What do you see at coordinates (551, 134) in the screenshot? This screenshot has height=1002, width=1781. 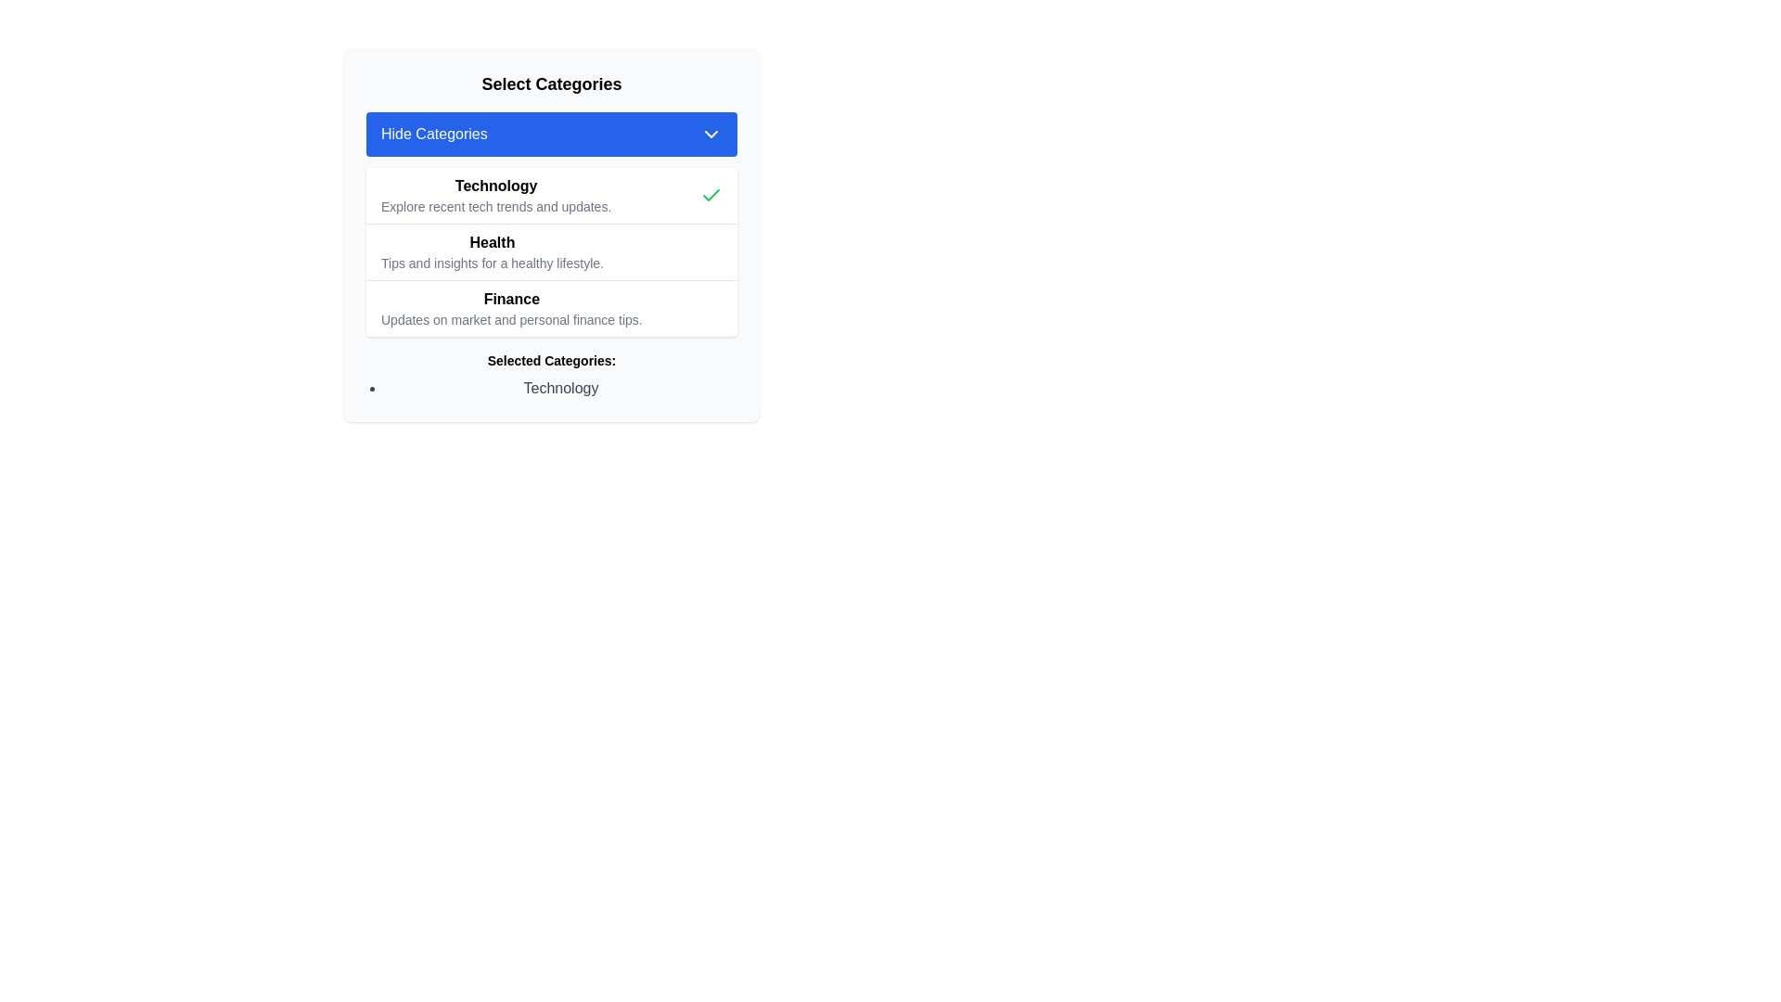 I see `the toggle button located below the title 'Select Categories'` at bounding box center [551, 134].